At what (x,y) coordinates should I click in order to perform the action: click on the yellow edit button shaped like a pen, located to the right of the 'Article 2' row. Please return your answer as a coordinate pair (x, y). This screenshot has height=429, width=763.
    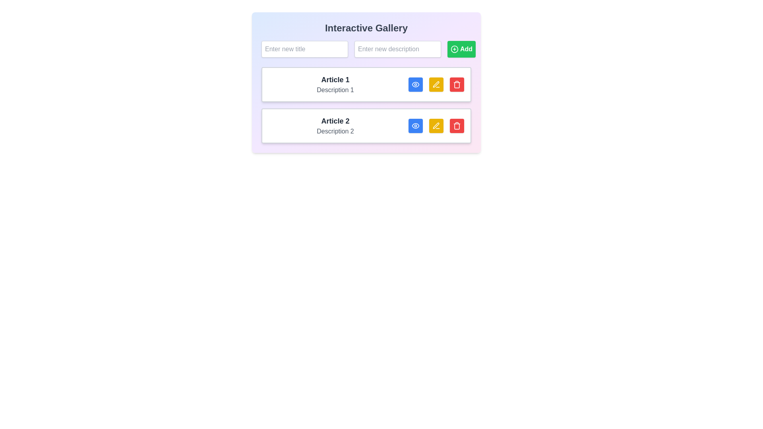
    Looking at the image, I should click on (436, 125).